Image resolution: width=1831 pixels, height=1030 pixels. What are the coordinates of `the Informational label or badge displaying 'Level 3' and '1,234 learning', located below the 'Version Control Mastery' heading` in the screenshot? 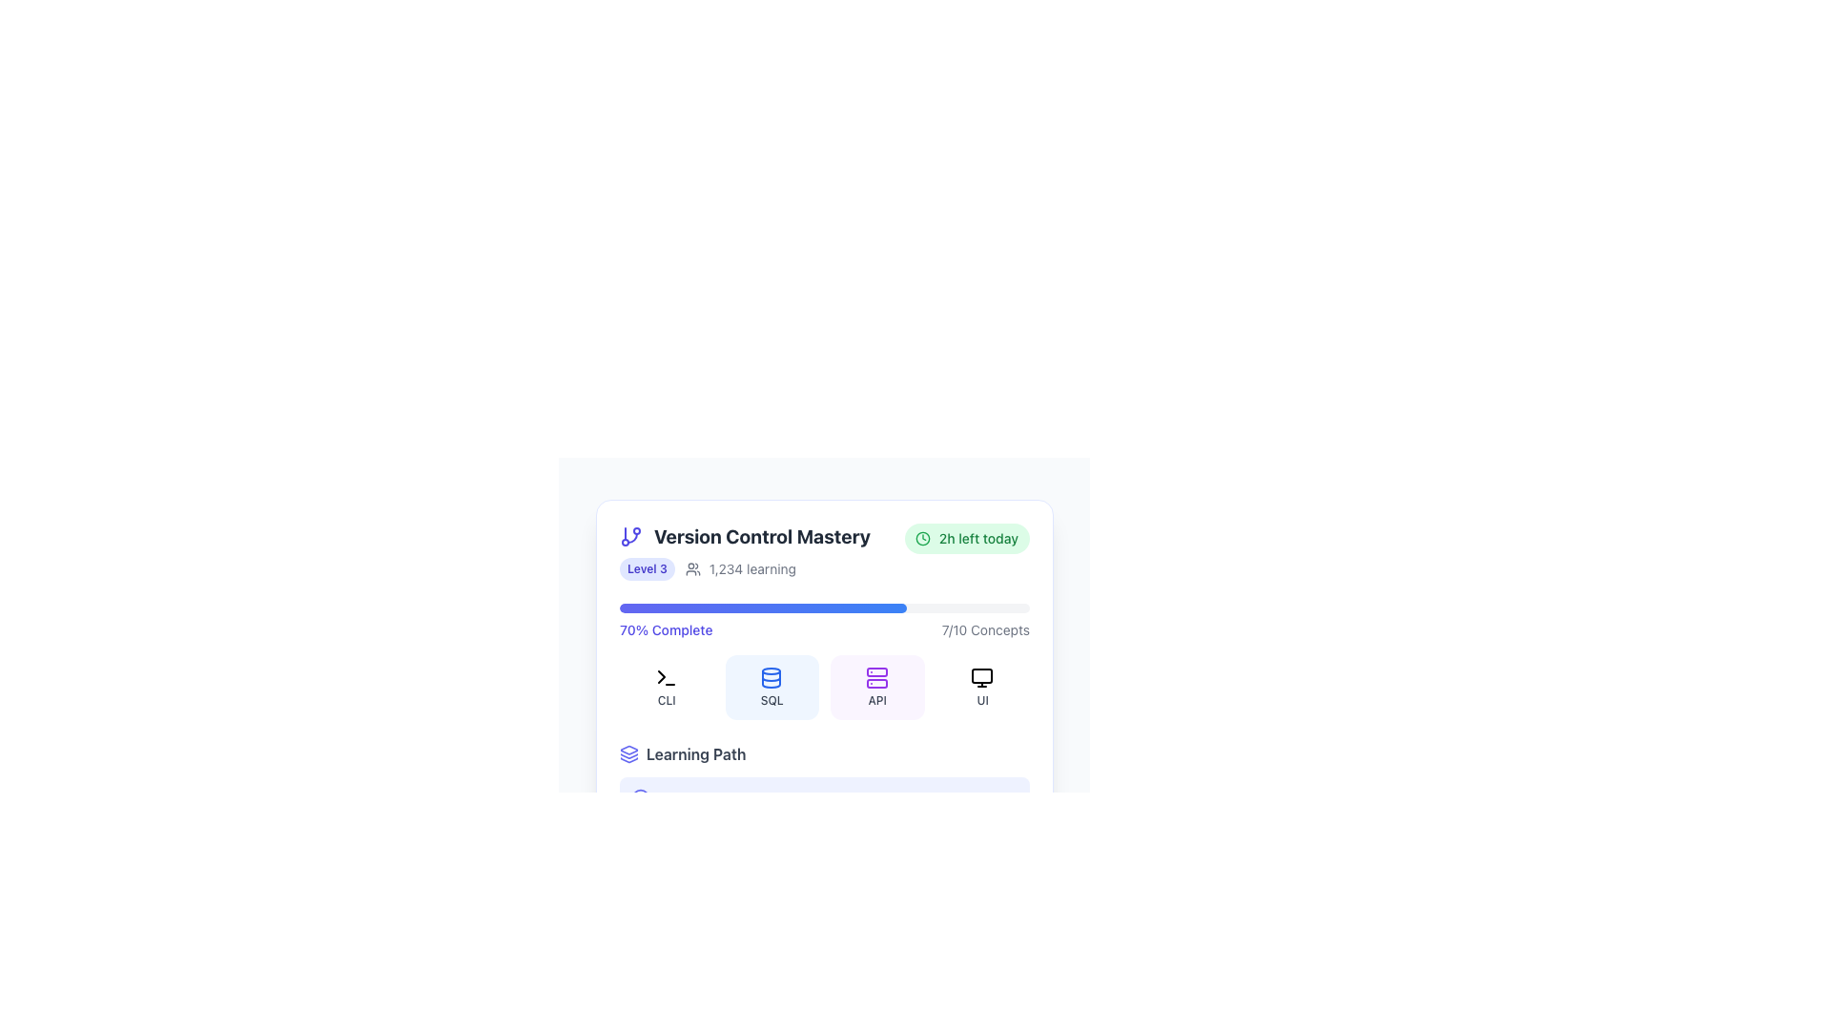 It's located at (744, 568).